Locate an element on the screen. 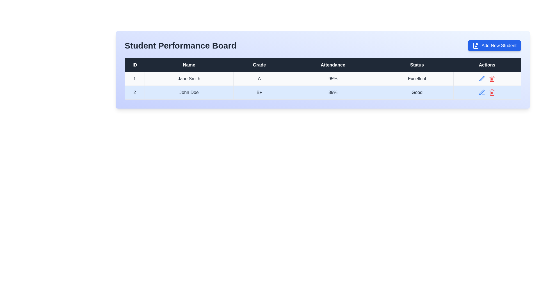  text label for the 'Name' column in the header row of the table, which is located between the 'ID' column and the 'Grade' column is located at coordinates (189, 65).